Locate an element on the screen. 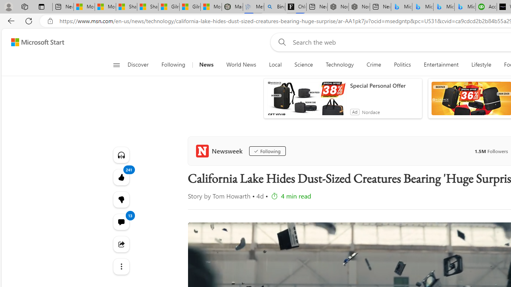 The width and height of the screenshot is (511, 287). 'More like this241Fewer like thisView comments' is located at coordinates (121, 199).